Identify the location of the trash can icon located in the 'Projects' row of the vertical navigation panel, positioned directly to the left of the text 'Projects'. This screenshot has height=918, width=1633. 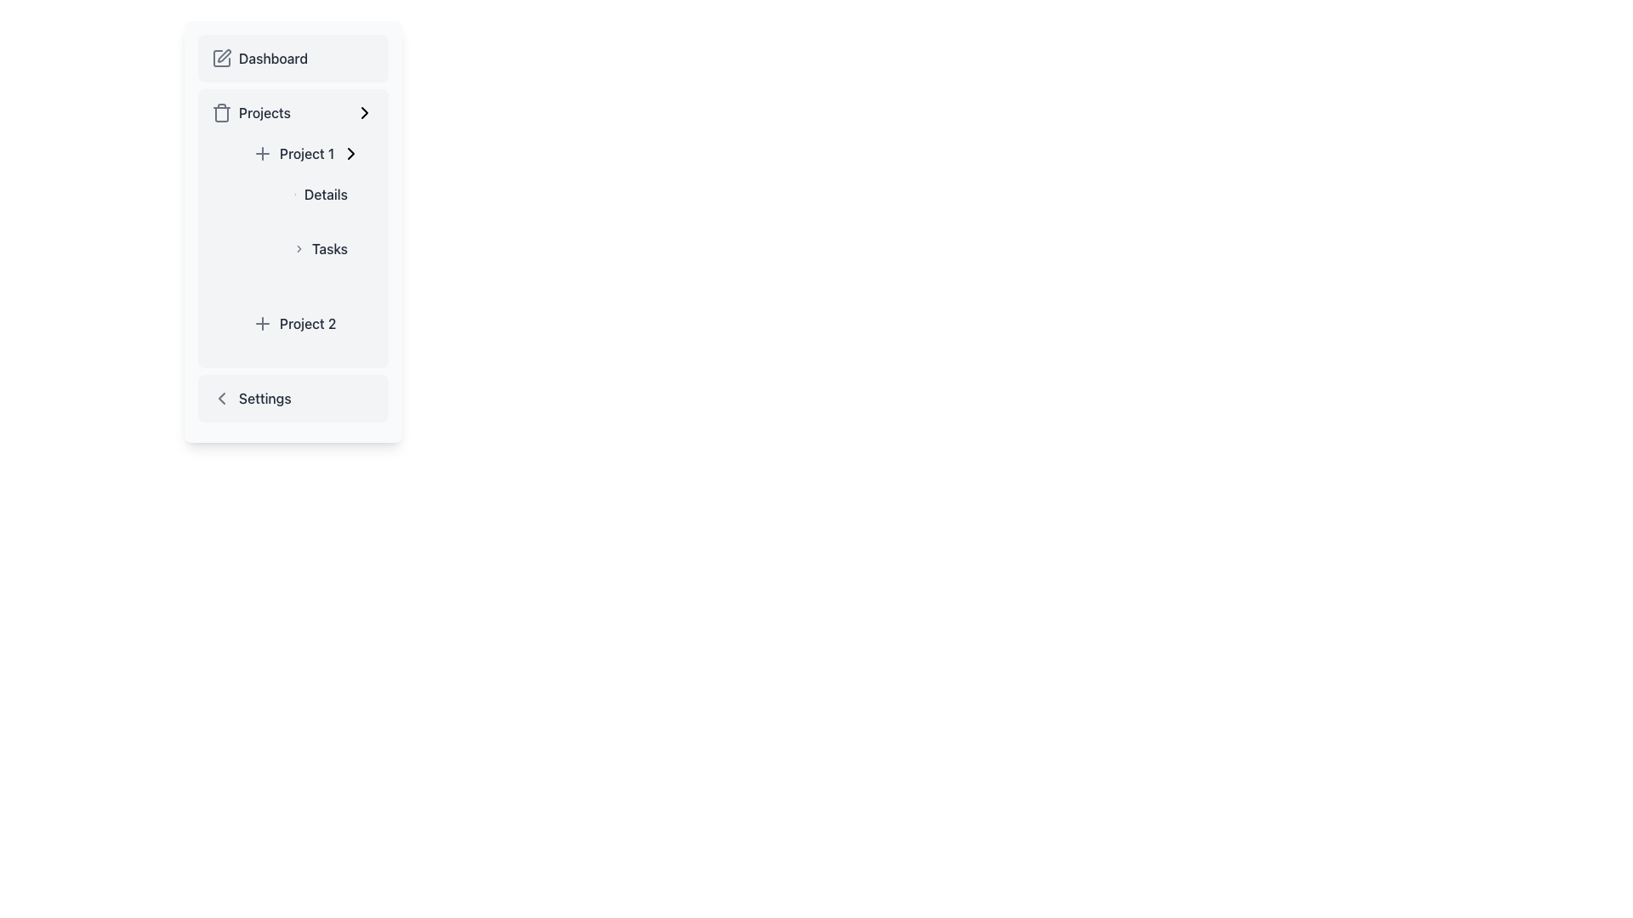
(220, 112).